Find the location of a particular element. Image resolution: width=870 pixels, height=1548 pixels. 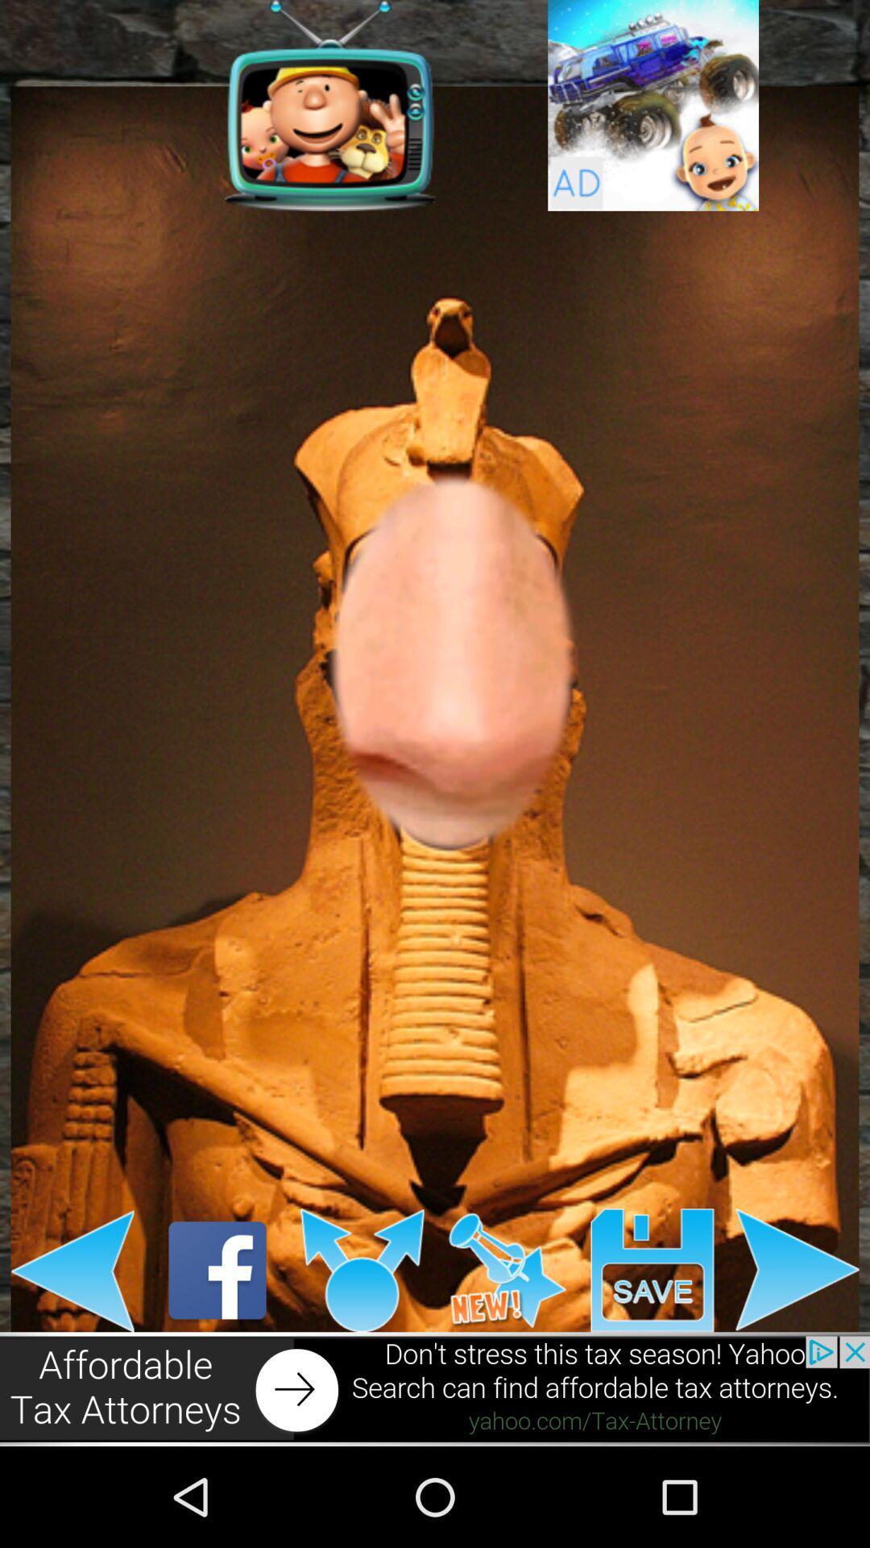

the share icon is located at coordinates (362, 1359).